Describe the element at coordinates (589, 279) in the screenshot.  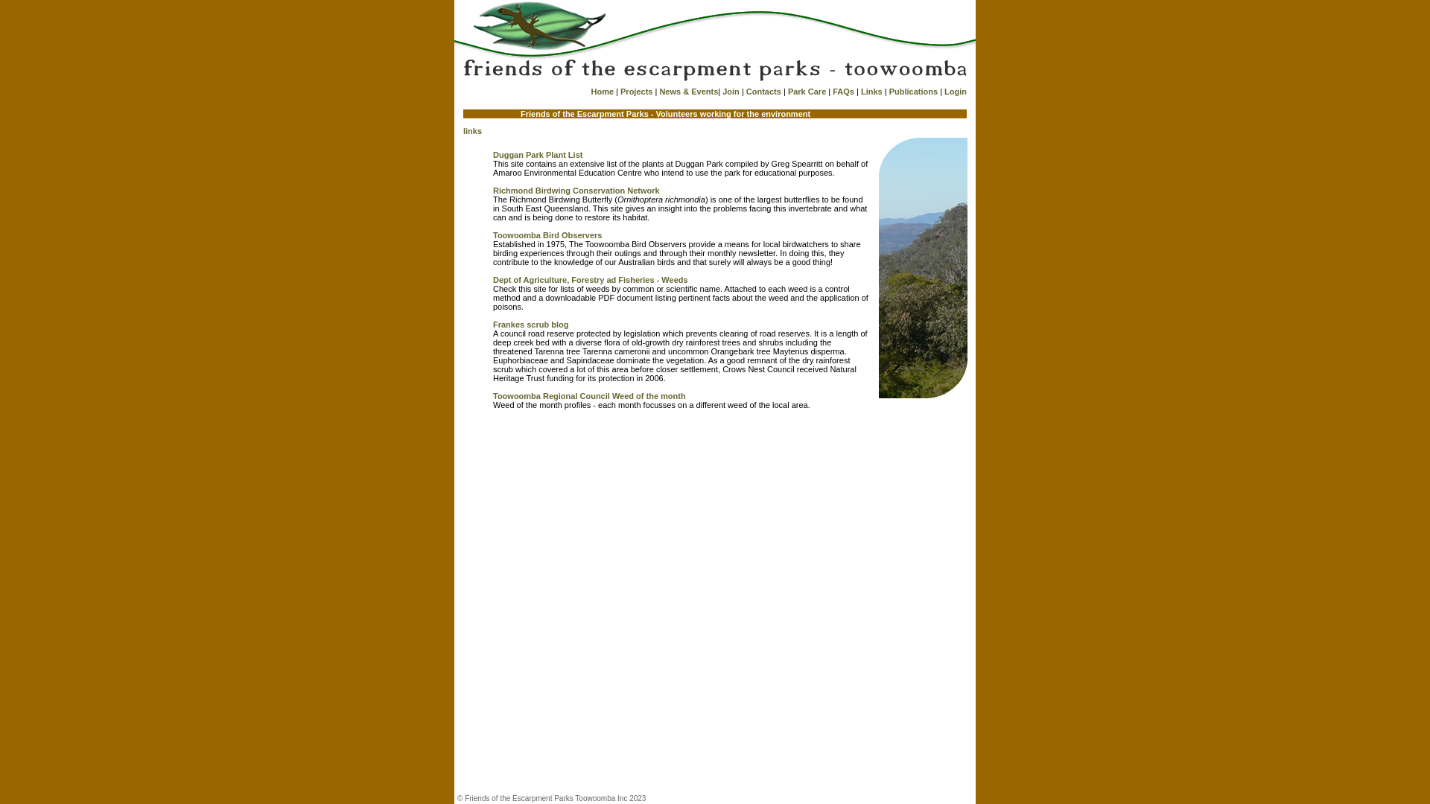
I see `'Dept of Agriculture, Forestry ad Fisheries - Weeds'` at that location.